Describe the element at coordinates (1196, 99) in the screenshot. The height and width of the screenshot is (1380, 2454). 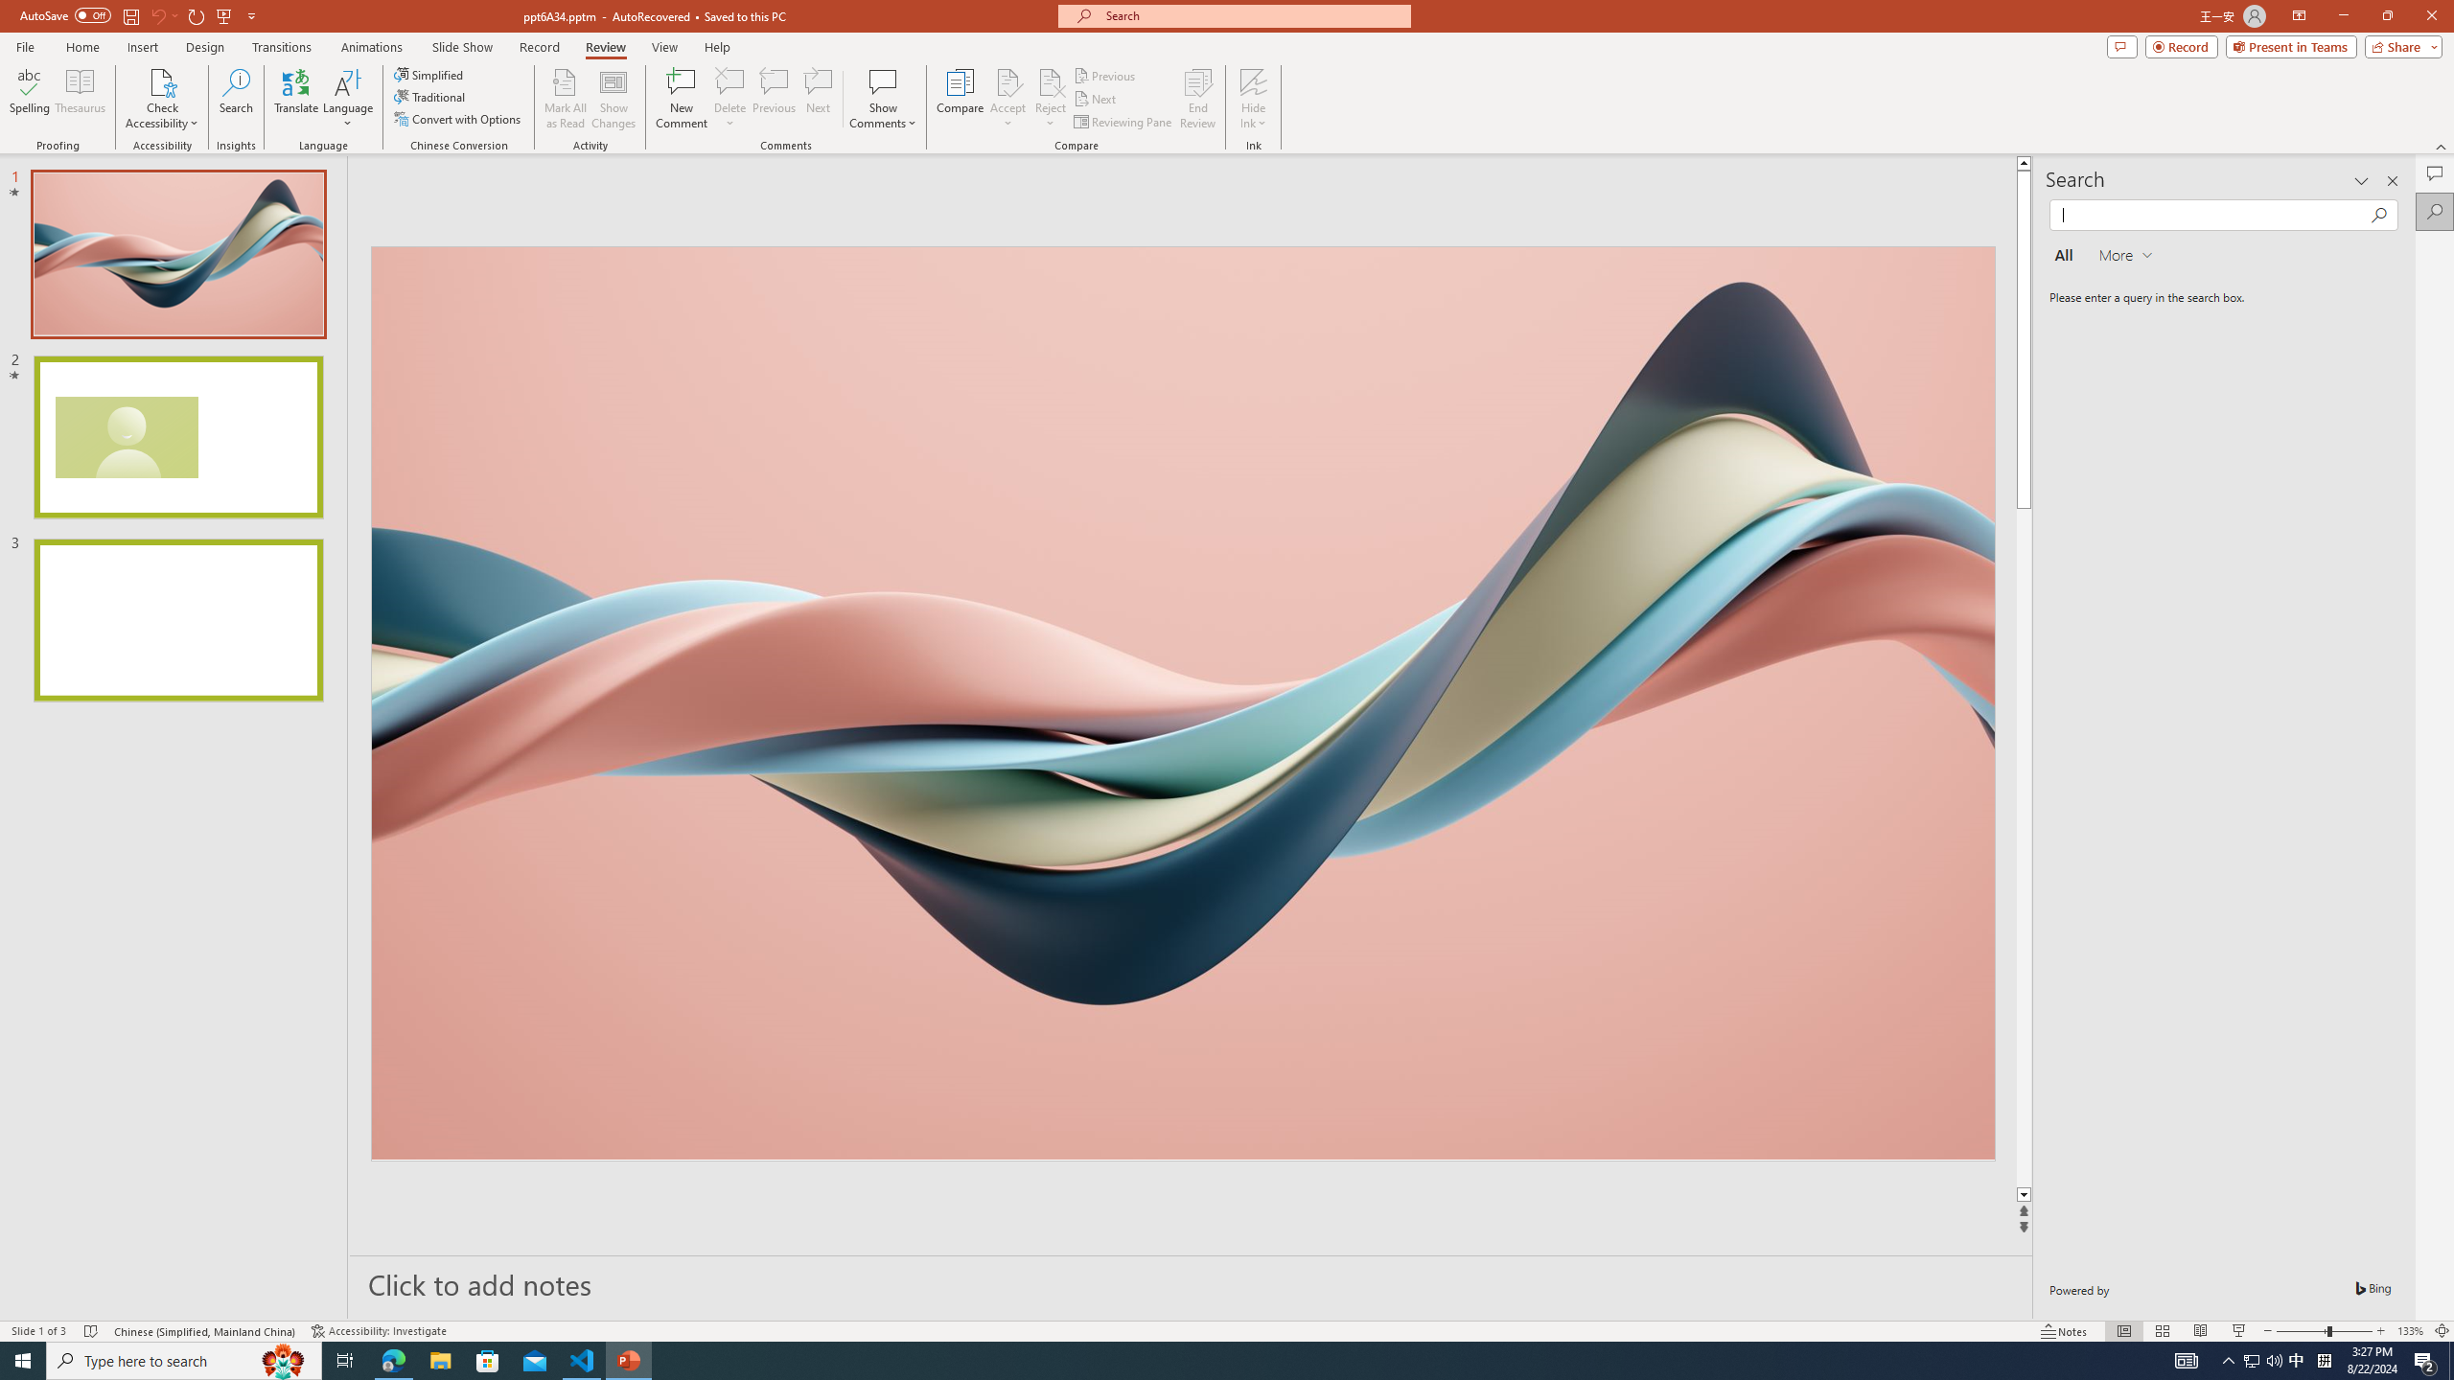
I see `'End Review'` at that location.